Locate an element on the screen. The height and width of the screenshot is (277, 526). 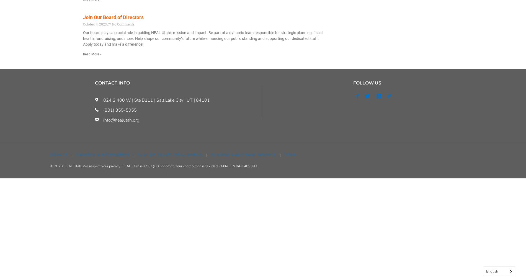
'Our board plays a crucial role in guiding HEAL Utah’s mission and impact. Be part of a dynamic team responsible for strategic planning, fiscal health, fundraising, and more. Help shape our community’s future while enhancing our public standing and supporting our dedicated staff. Apply today and make a difference!' is located at coordinates (202, 39).